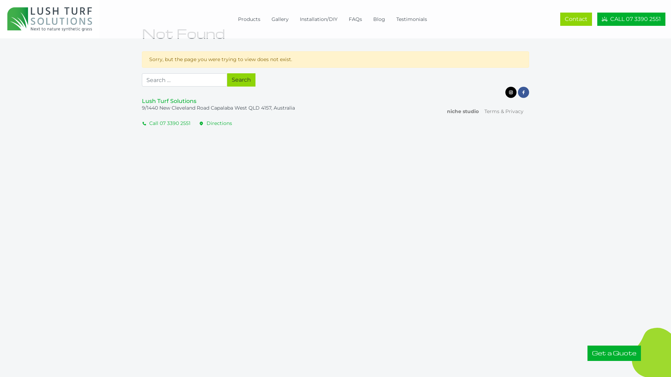 Image resolution: width=671 pixels, height=377 pixels. I want to click on 'Testimonials', so click(411, 19).